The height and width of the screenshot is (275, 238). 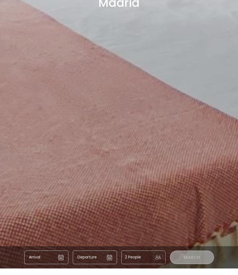 What do you see at coordinates (70, 156) in the screenshot?
I see `'DFLAT Escultor Madrid Apartments:'` at bounding box center [70, 156].